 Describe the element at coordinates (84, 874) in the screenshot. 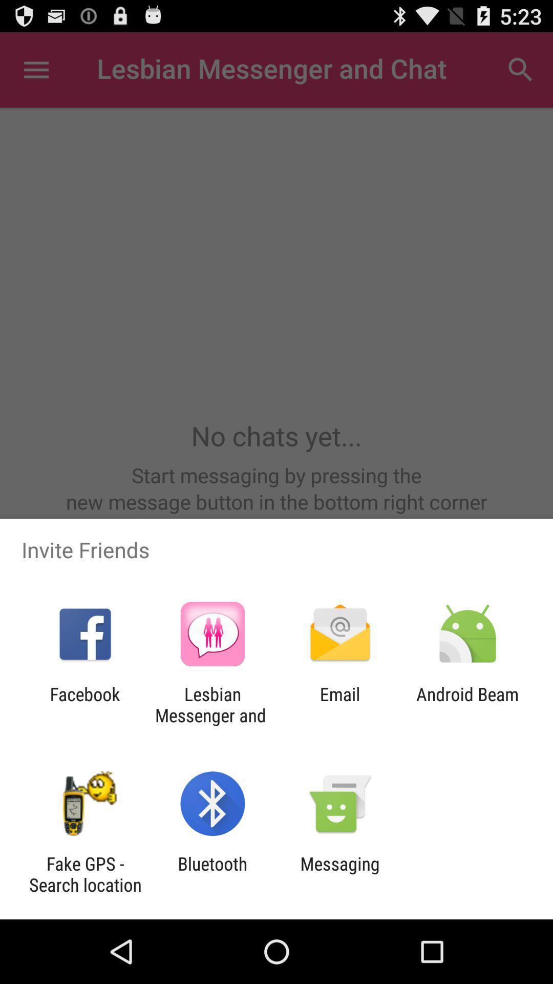

I see `fake gps search app` at that location.